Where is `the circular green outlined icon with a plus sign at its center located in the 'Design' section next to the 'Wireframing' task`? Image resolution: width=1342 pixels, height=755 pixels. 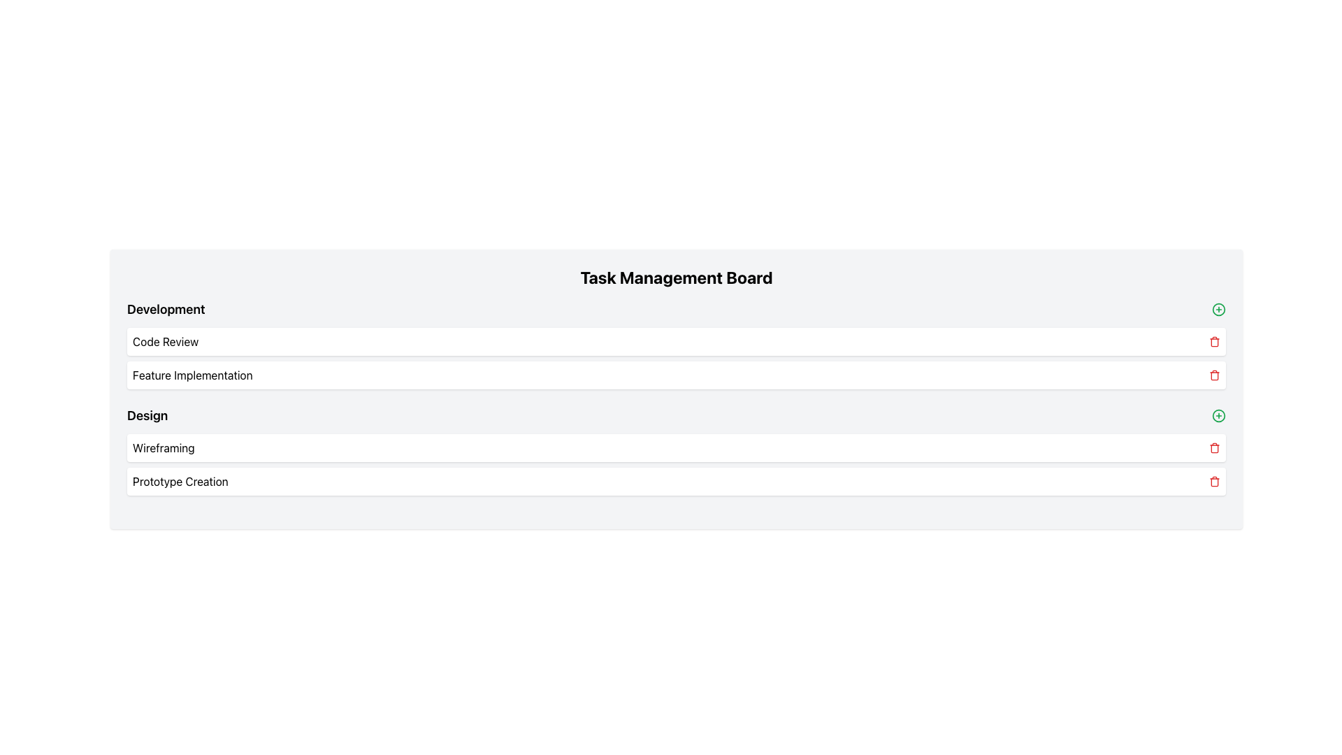
the circular green outlined icon with a plus sign at its center located in the 'Design' section next to the 'Wireframing' task is located at coordinates (1218, 309).